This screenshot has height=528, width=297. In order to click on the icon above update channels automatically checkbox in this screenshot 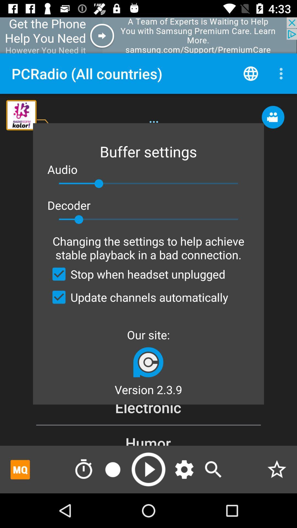, I will do `click(136, 274)`.